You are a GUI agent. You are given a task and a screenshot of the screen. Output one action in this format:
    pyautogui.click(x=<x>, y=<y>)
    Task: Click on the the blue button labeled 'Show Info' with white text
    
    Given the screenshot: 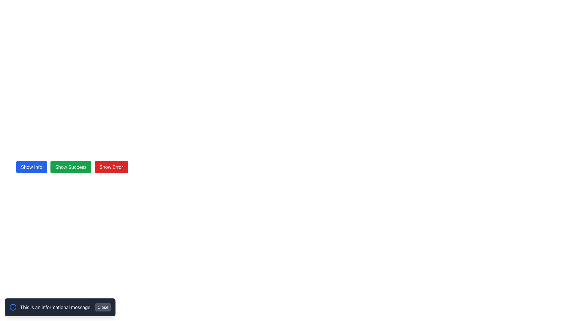 What is the action you would take?
    pyautogui.click(x=31, y=167)
    